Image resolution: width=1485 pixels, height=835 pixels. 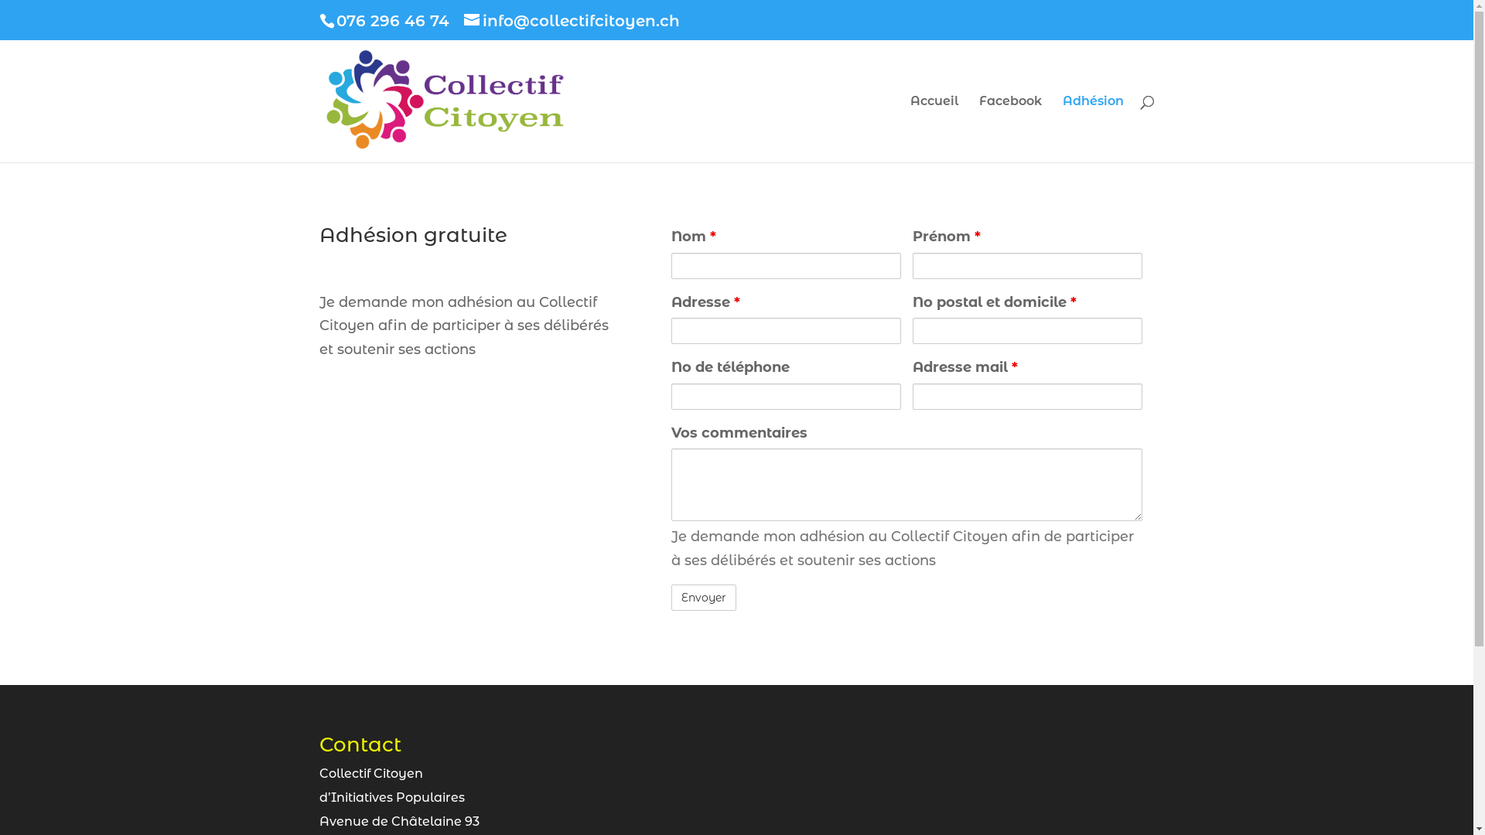 I want to click on 'Accueil', so click(x=932, y=128).